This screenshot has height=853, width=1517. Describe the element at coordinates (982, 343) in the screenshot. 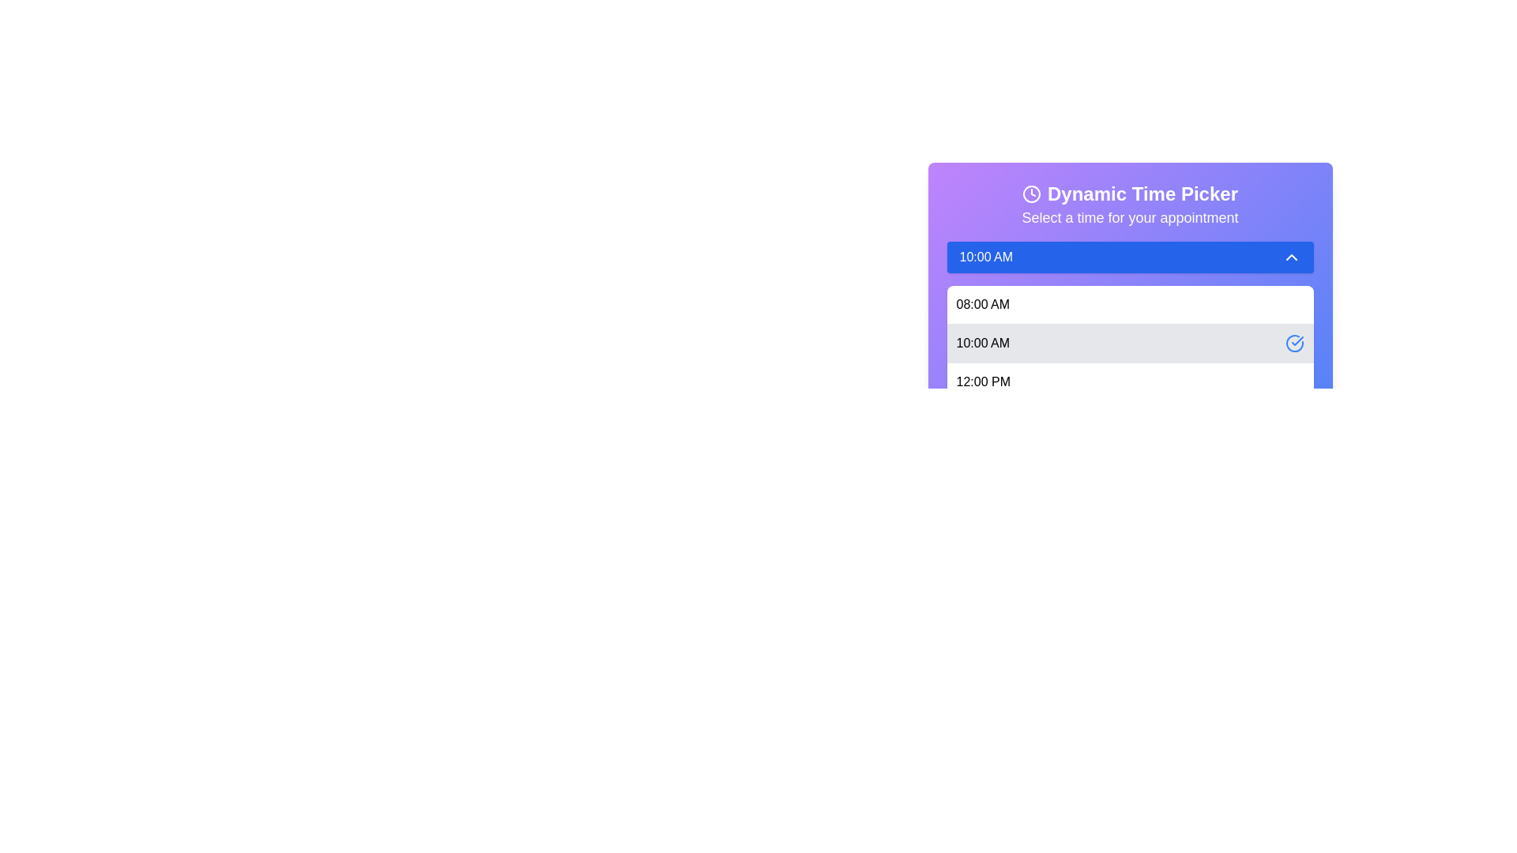

I see `the second visible time option in the dropdown list of the 'Dynamic Time Picker'` at that location.